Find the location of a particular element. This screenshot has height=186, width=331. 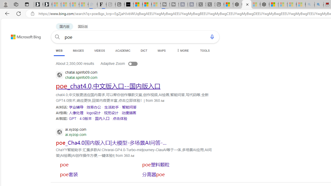

'Close tab' is located at coordinates (247, 4).